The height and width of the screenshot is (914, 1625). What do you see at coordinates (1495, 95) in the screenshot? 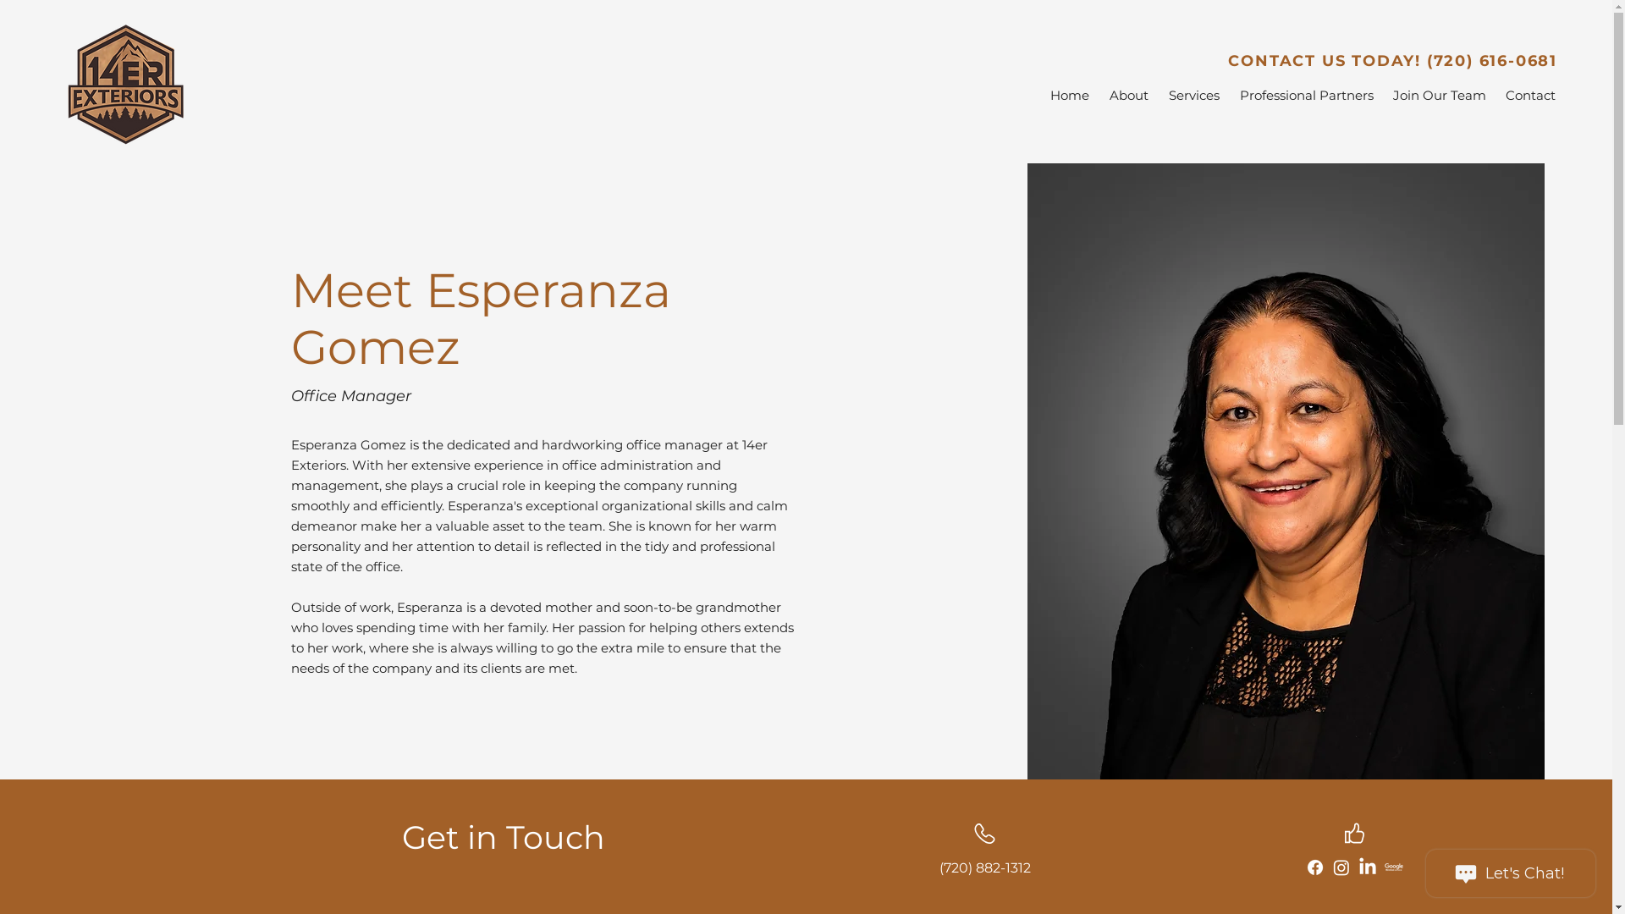
I see `'Contact'` at bounding box center [1495, 95].